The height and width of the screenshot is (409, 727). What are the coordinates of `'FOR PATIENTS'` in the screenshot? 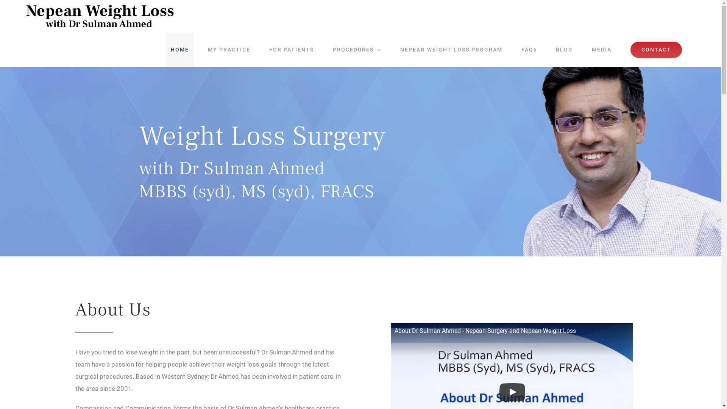 It's located at (291, 50).